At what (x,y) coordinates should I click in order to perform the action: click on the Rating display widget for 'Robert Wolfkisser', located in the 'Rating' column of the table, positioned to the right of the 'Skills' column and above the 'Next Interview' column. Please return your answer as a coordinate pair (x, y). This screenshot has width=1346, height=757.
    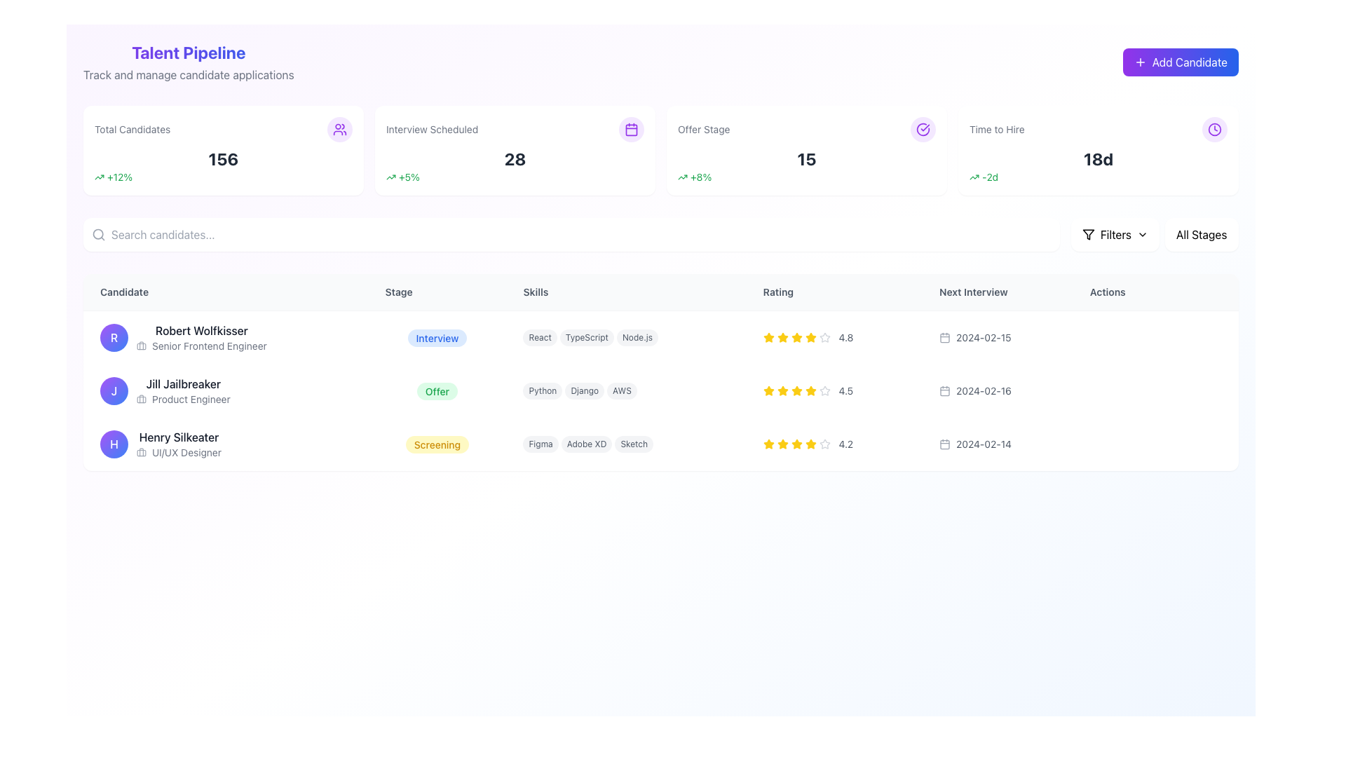
    Looking at the image, I should click on (834, 338).